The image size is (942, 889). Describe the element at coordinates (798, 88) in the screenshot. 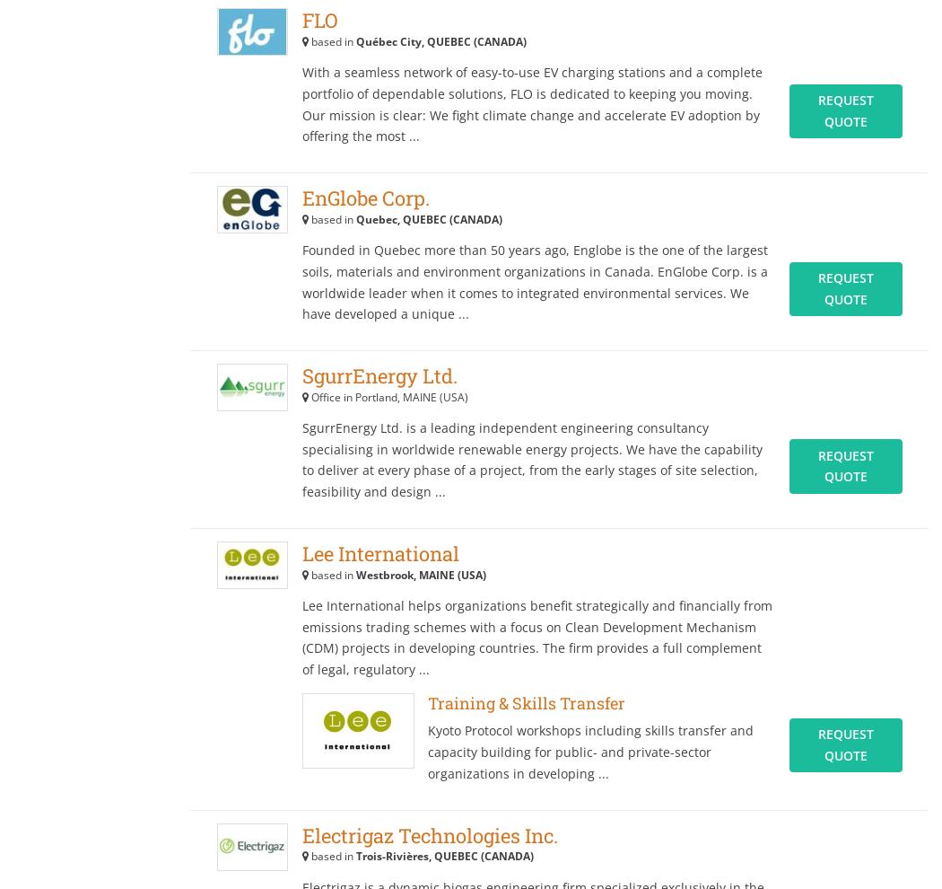

I see `'Medical XPRT'` at that location.